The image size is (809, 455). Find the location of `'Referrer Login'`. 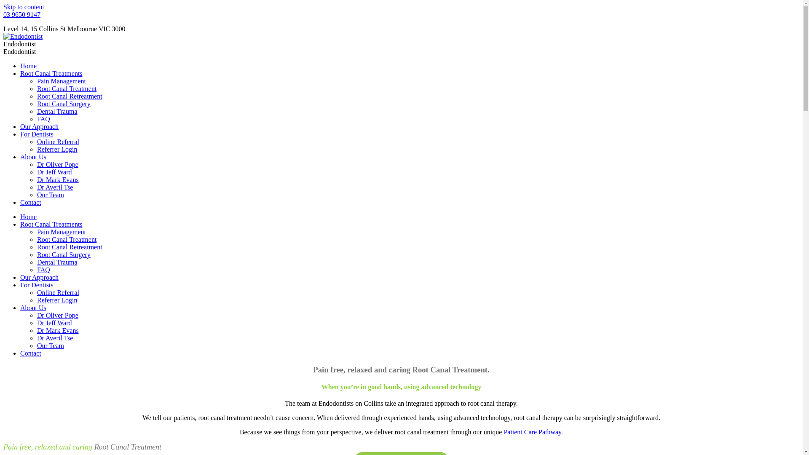

'Referrer Login' is located at coordinates (36, 300).